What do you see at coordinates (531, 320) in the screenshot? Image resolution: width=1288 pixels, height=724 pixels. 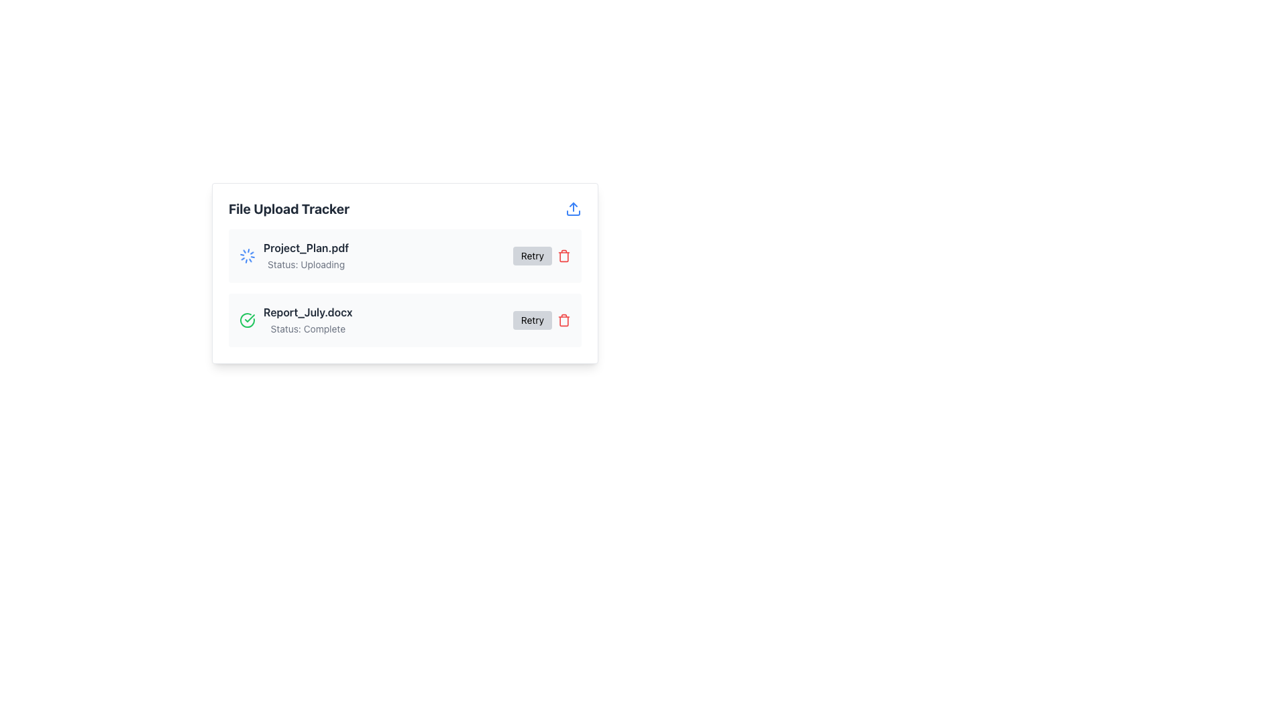 I see `the 'Retry' button, which is a rectangular button with rounded corners located in the second row of the file upload list, to the left of the red trash icon` at bounding box center [531, 320].